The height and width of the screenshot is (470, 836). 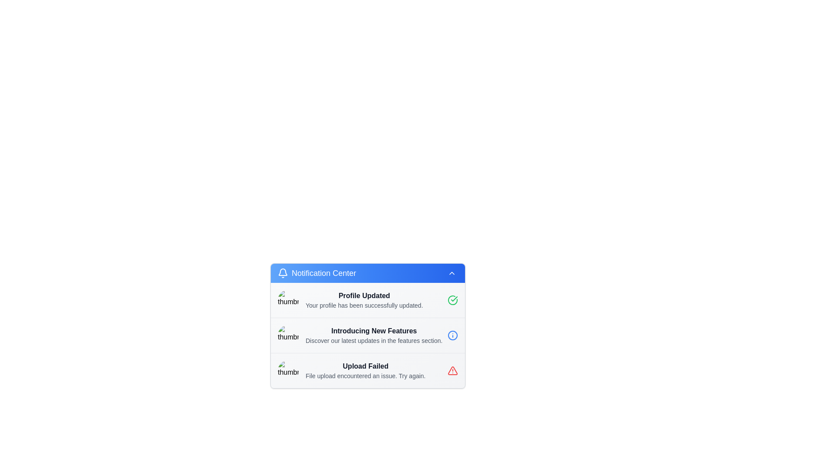 What do you see at coordinates (453, 371) in the screenshot?
I see `the red triangular alert icon located in the upper-right corner of the 'Upload Failed' notification item` at bounding box center [453, 371].